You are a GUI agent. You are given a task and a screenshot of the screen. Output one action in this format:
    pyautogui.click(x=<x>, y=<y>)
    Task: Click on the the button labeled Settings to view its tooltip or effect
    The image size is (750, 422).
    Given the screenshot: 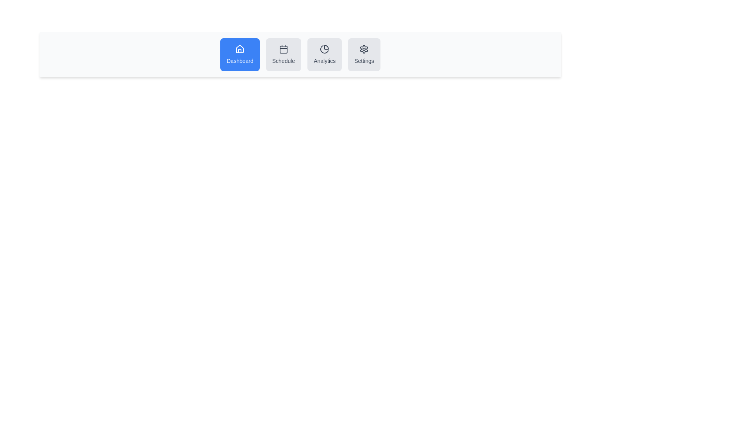 What is the action you would take?
    pyautogui.click(x=363, y=54)
    